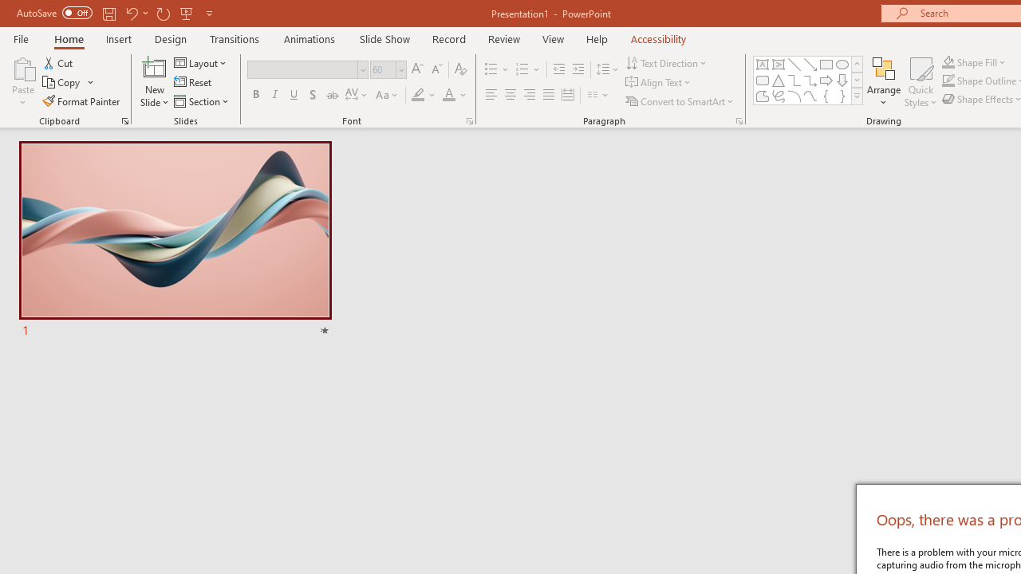 This screenshot has width=1021, height=574. I want to click on 'Arrow: Down', so click(842, 80).